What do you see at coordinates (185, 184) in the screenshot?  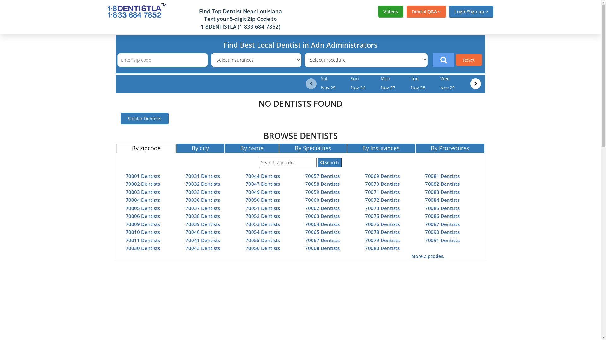 I see `'70032 Dentists'` at bounding box center [185, 184].